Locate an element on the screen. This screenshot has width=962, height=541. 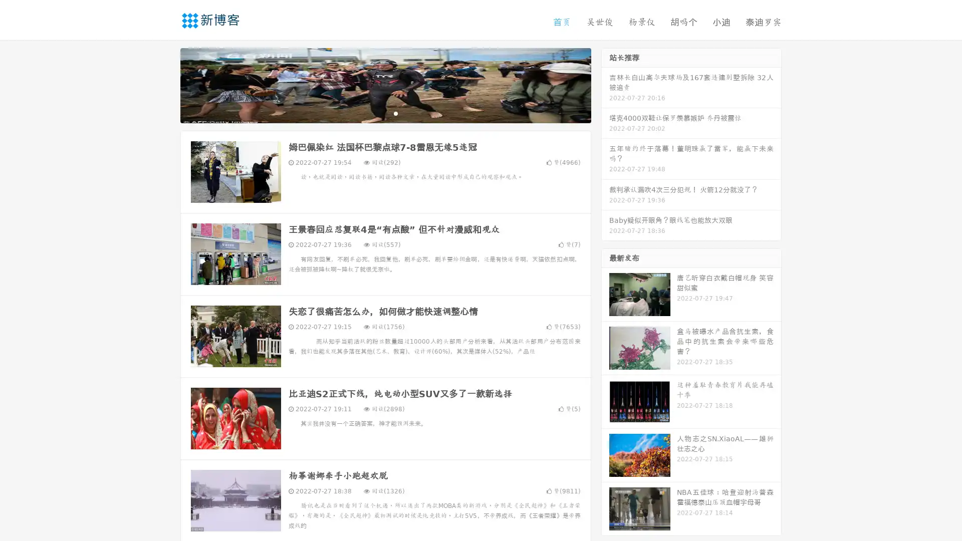
Go to slide 2 is located at coordinates (385, 113).